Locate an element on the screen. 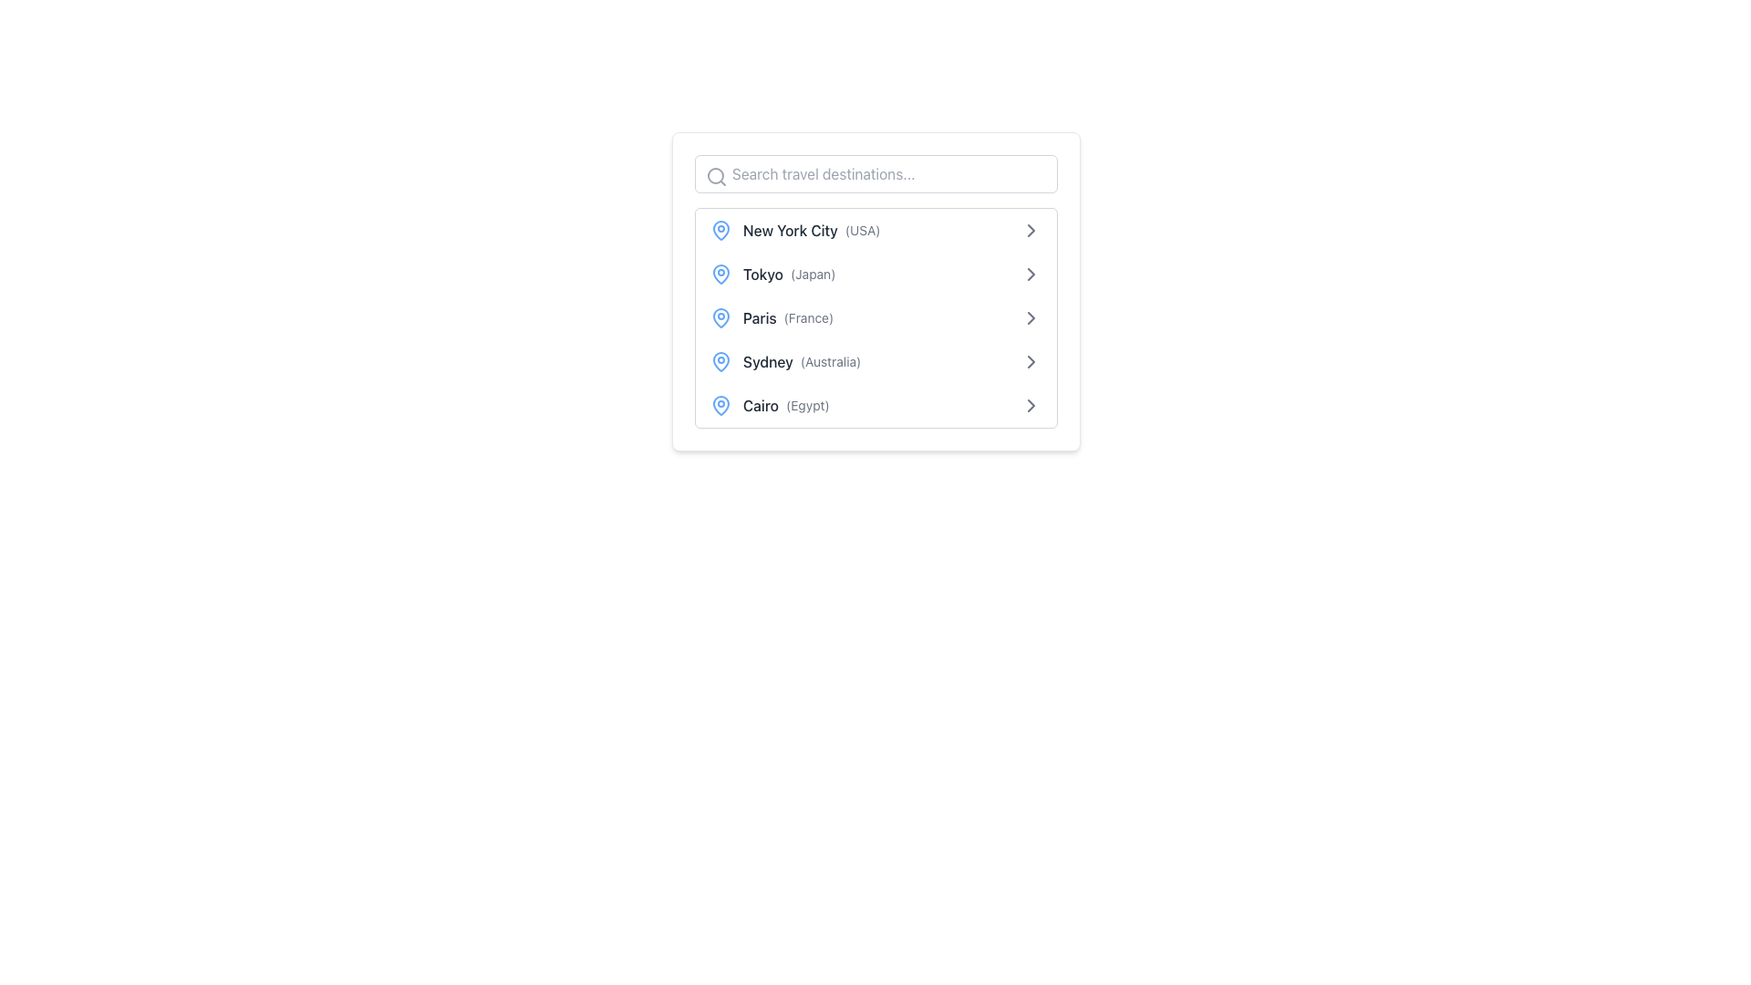 This screenshot has width=1751, height=985. the selectable location option for 'New York City (USA)' in the dropdown menu of travel destinations is located at coordinates (795, 230).